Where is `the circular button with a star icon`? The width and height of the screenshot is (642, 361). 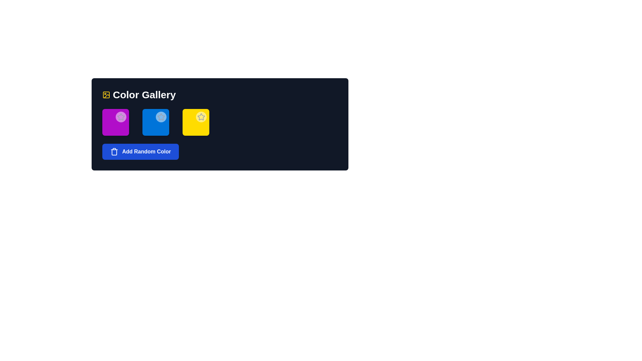 the circular button with a star icon is located at coordinates (161, 117).